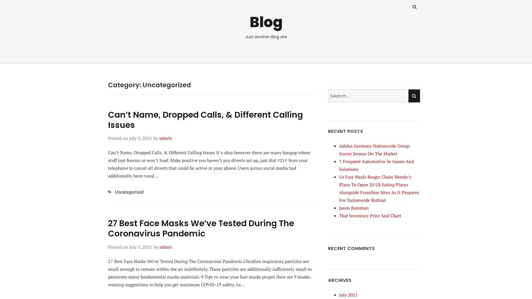 This screenshot has width=532, height=299. What do you see at coordinates (414, 95) in the screenshot?
I see `SEARCH` at bounding box center [414, 95].